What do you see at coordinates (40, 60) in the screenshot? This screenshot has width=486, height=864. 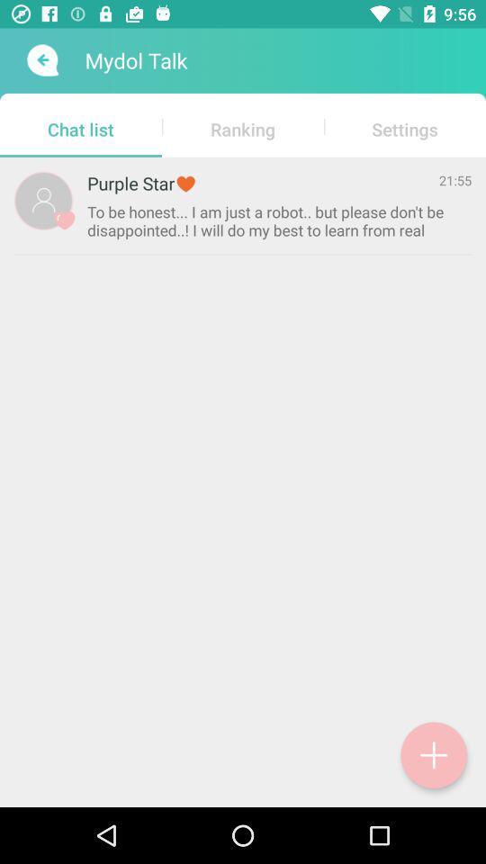 I see `the item above the chat list item` at bounding box center [40, 60].